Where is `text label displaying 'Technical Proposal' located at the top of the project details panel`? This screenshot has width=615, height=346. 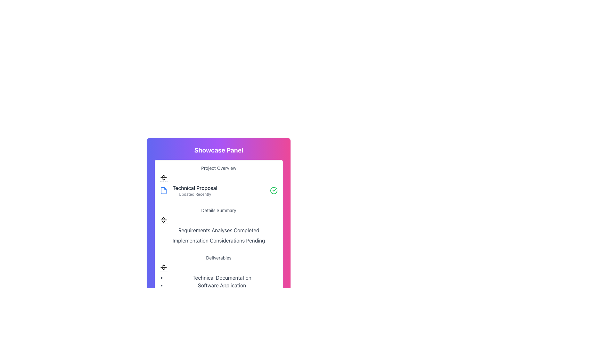
text label displaying 'Technical Proposal' located at the top of the project details panel is located at coordinates (194, 187).